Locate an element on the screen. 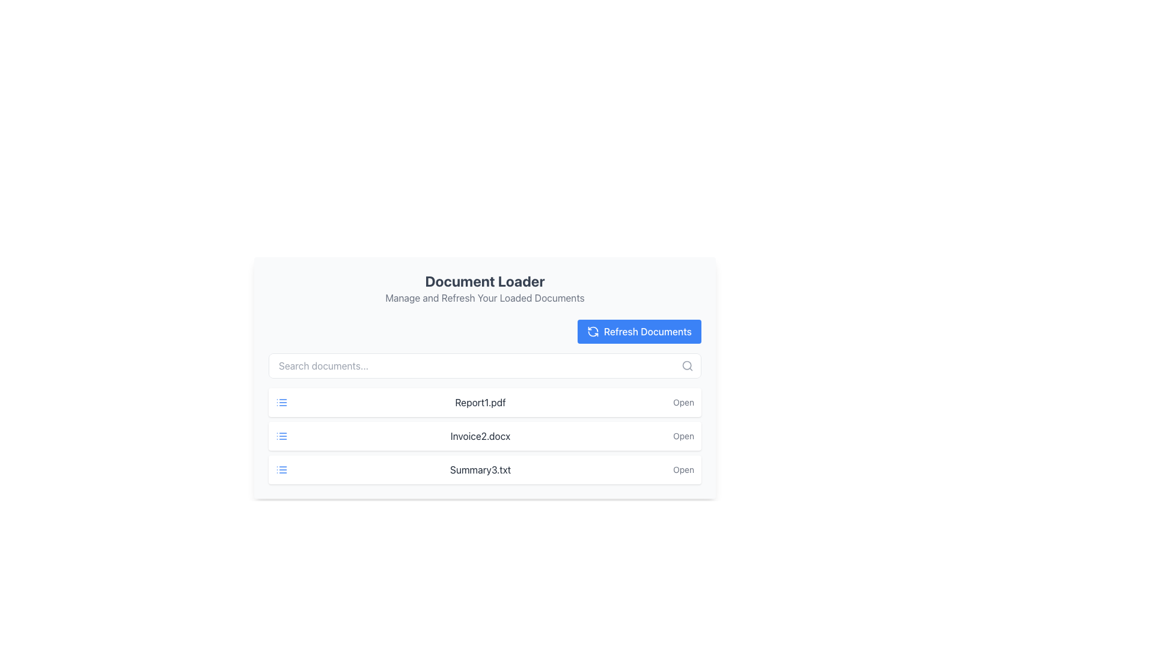  the top-left arc segment of the circular arrow icon used for refresh functionality, which is styled with a thin, black line and rounded ends is located at coordinates (593, 329).